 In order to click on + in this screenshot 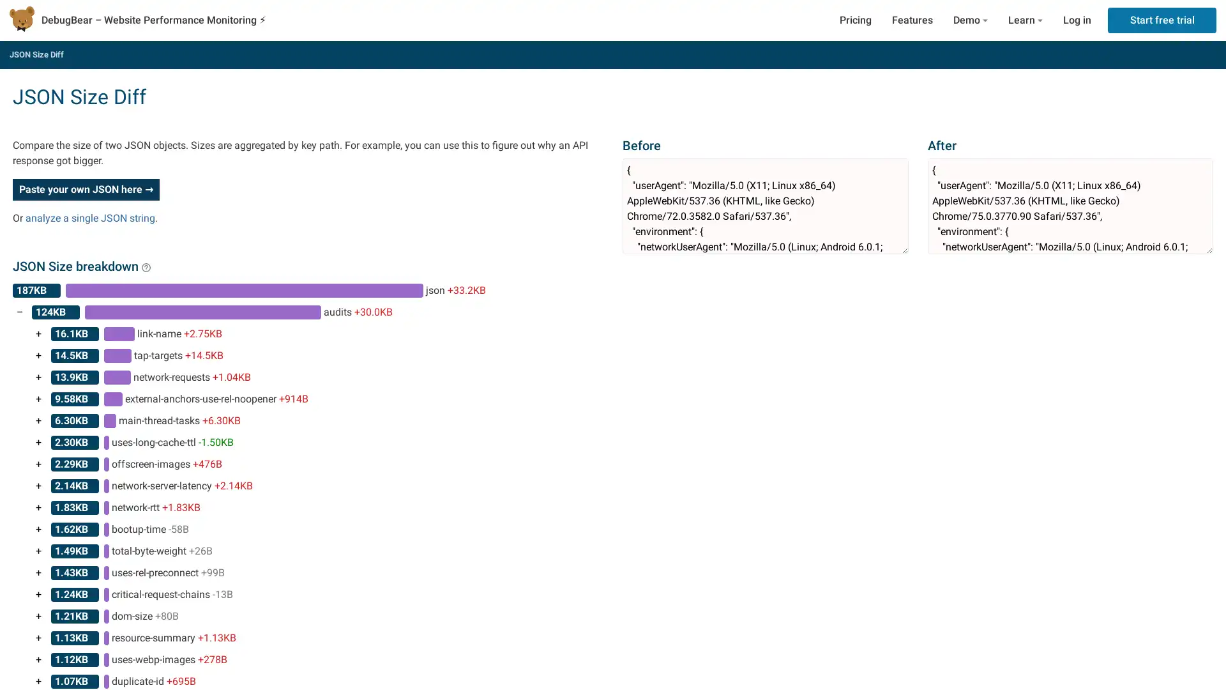, I will do `click(38, 355)`.